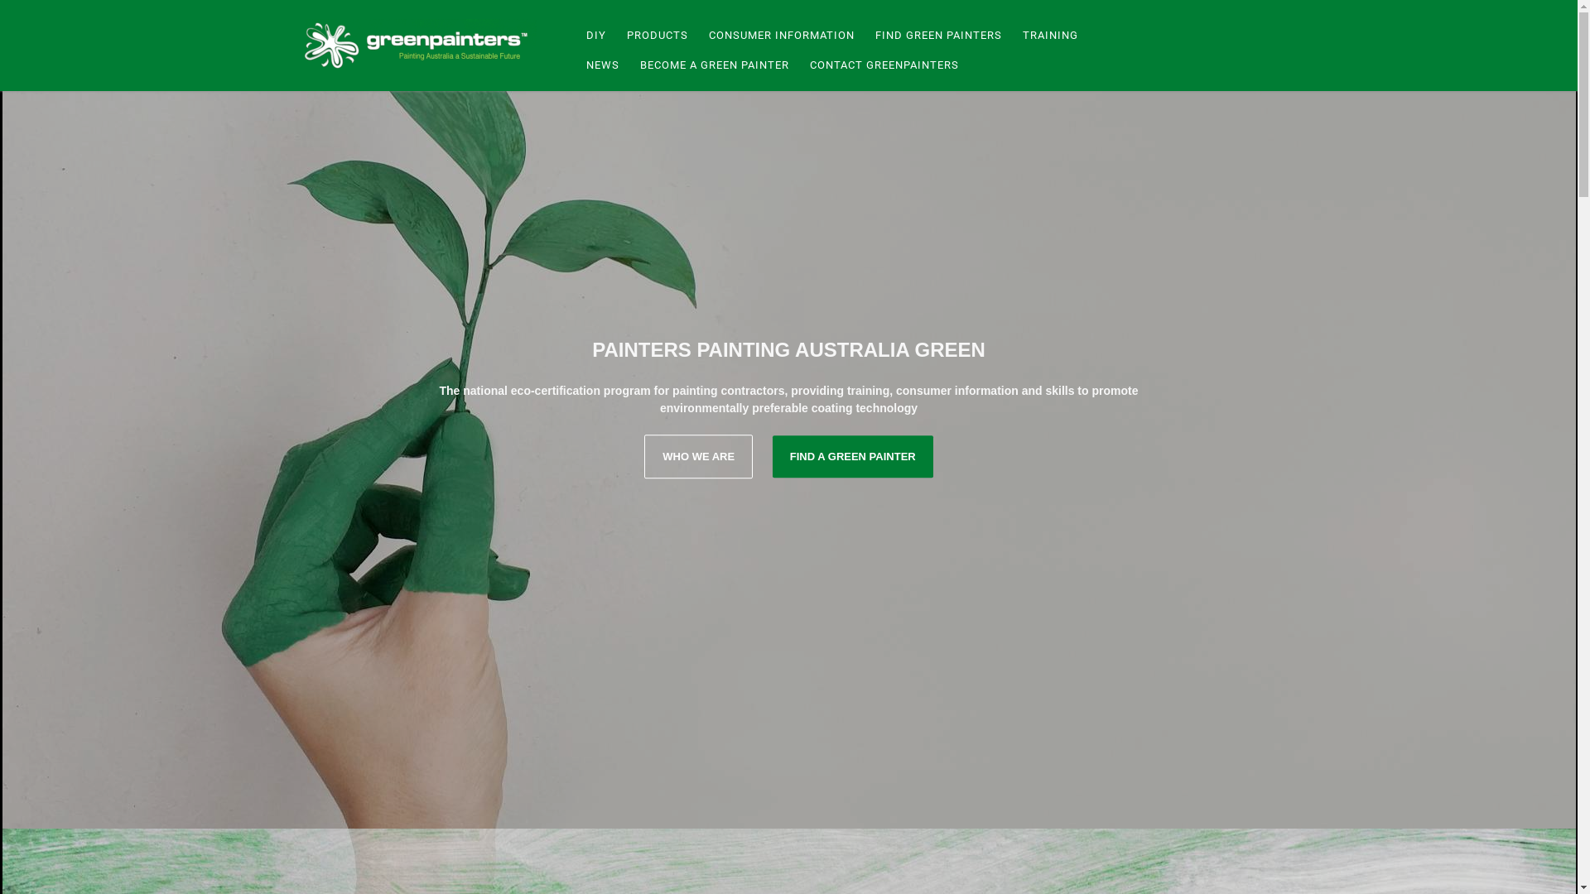 This screenshot has height=894, width=1590. What do you see at coordinates (654, 35) in the screenshot?
I see `'PRODUCTS'` at bounding box center [654, 35].